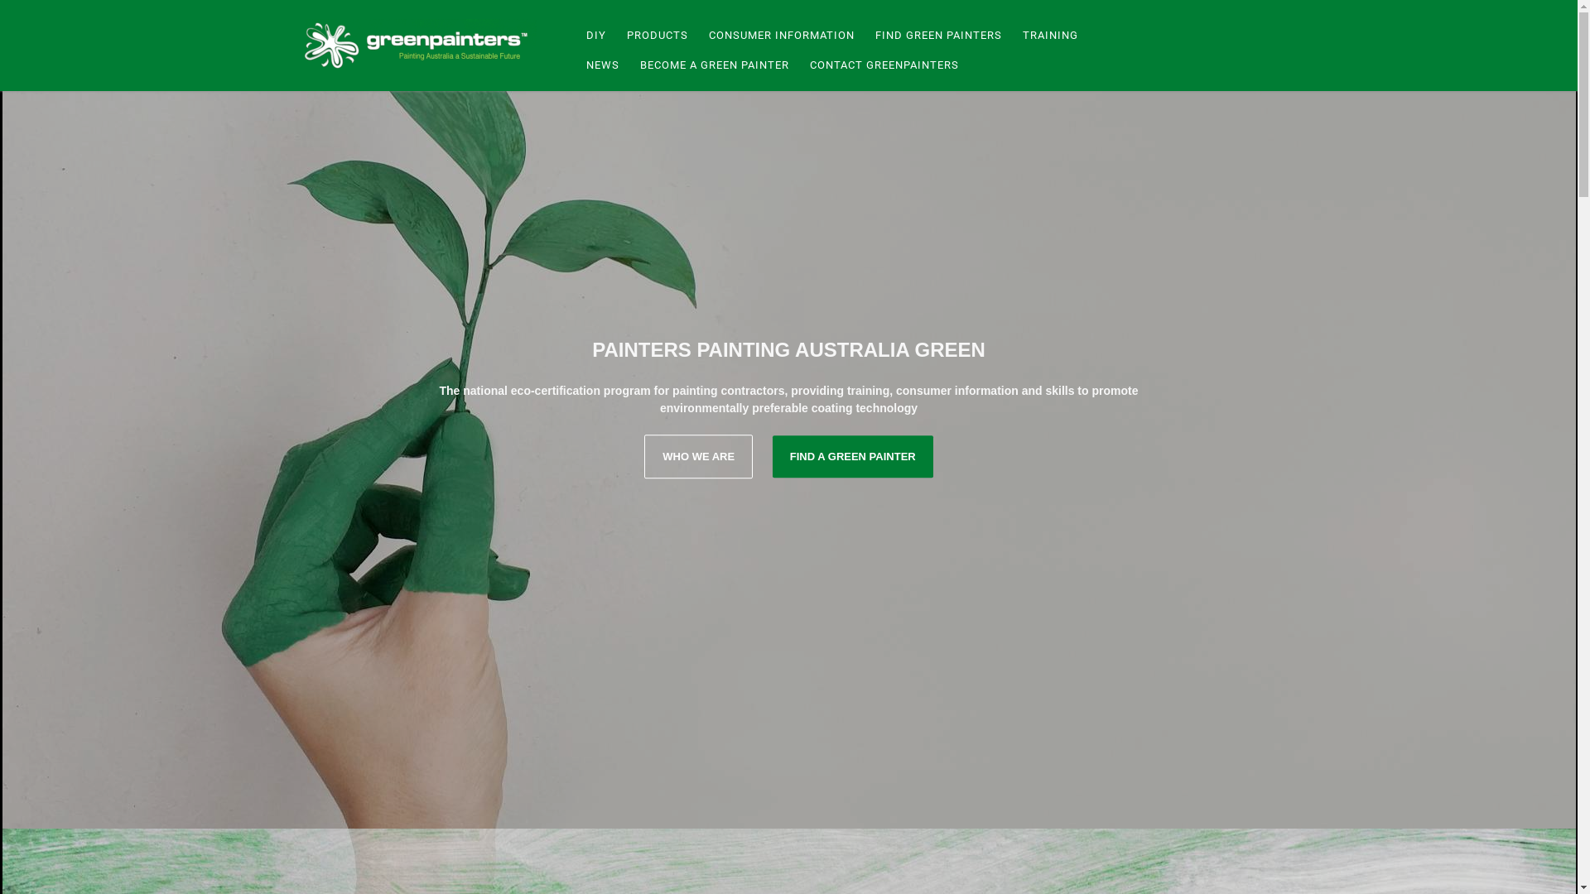 This screenshot has height=894, width=1590. What do you see at coordinates (654, 35) in the screenshot?
I see `'PRODUCTS'` at bounding box center [654, 35].